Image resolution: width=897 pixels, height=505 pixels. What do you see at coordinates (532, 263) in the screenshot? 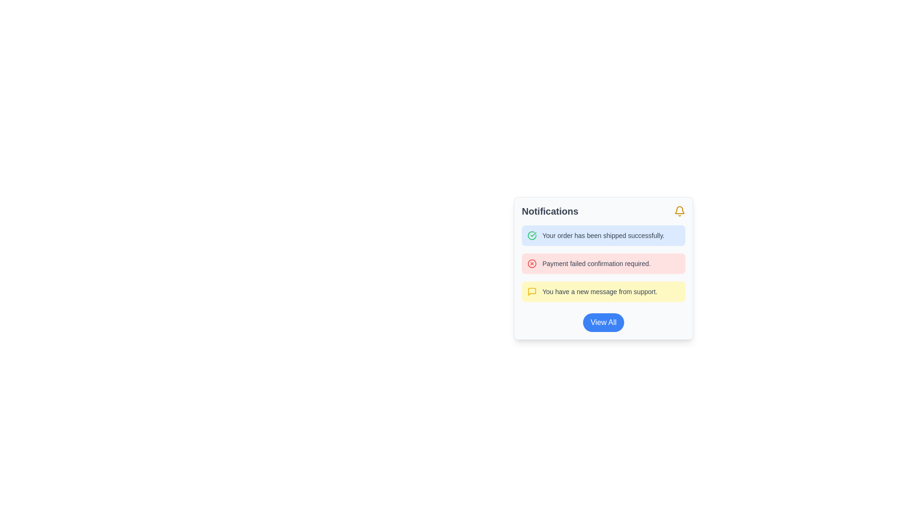
I see `the error icon indicating a failure message within the red-highlighted notification box, positioned to the left of the text 'Payment failed confirmation required.'` at bounding box center [532, 263].